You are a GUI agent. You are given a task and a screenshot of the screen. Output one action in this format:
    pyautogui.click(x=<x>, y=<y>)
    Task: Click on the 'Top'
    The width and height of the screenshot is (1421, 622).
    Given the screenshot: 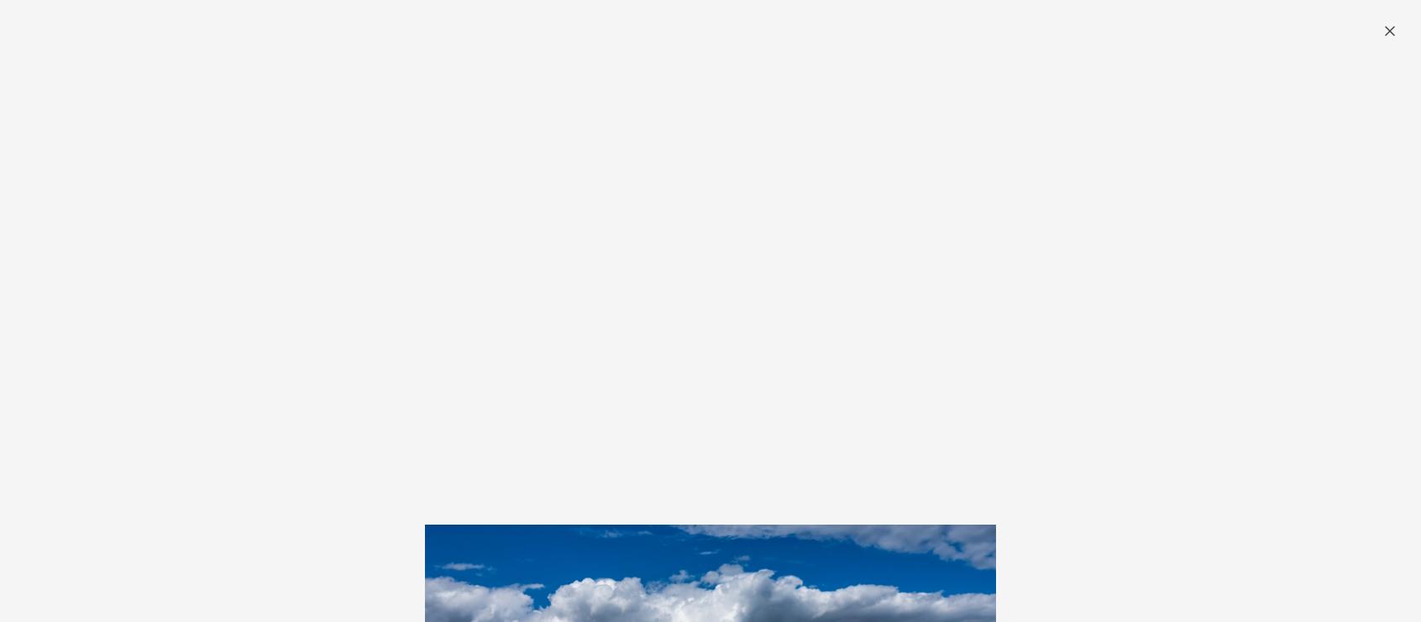 What is the action you would take?
    pyautogui.click(x=250, y=478)
    